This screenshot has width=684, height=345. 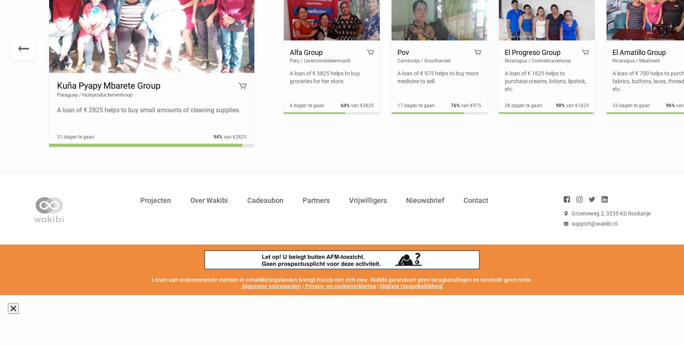 What do you see at coordinates (638, 52) in the screenshot?
I see `'El Amatillo Group'` at bounding box center [638, 52].